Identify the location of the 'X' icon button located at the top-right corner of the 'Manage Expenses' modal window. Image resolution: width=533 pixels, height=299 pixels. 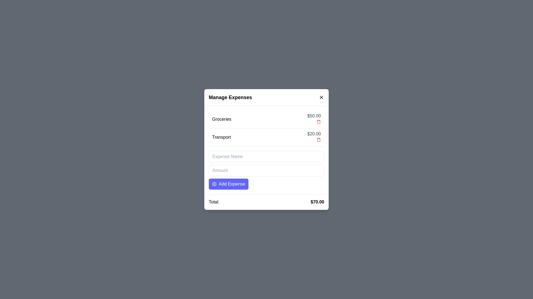
(321, 97).